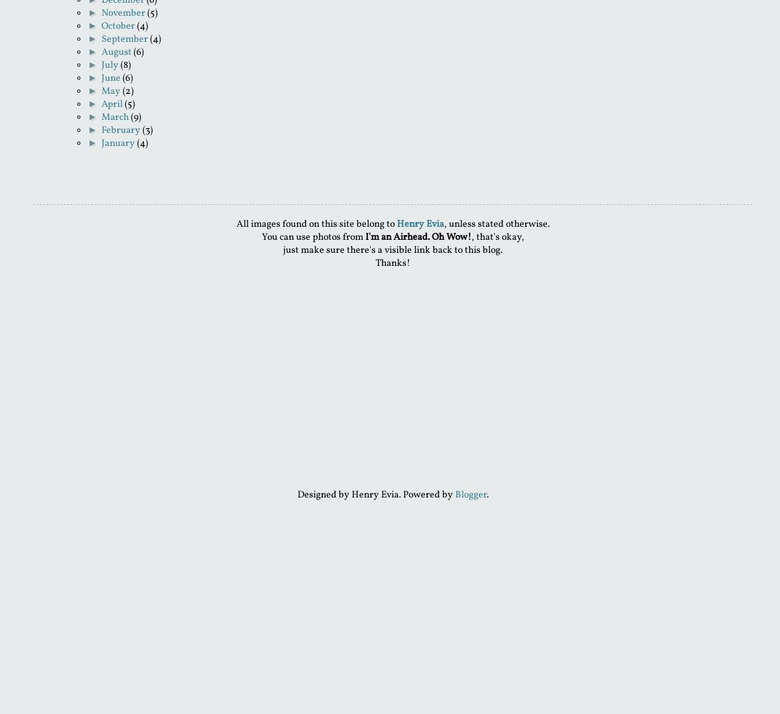  What do you see at coordinates (124, 65) in the screenshot?
I see `'(8)'` at bounding box center [124, 65].